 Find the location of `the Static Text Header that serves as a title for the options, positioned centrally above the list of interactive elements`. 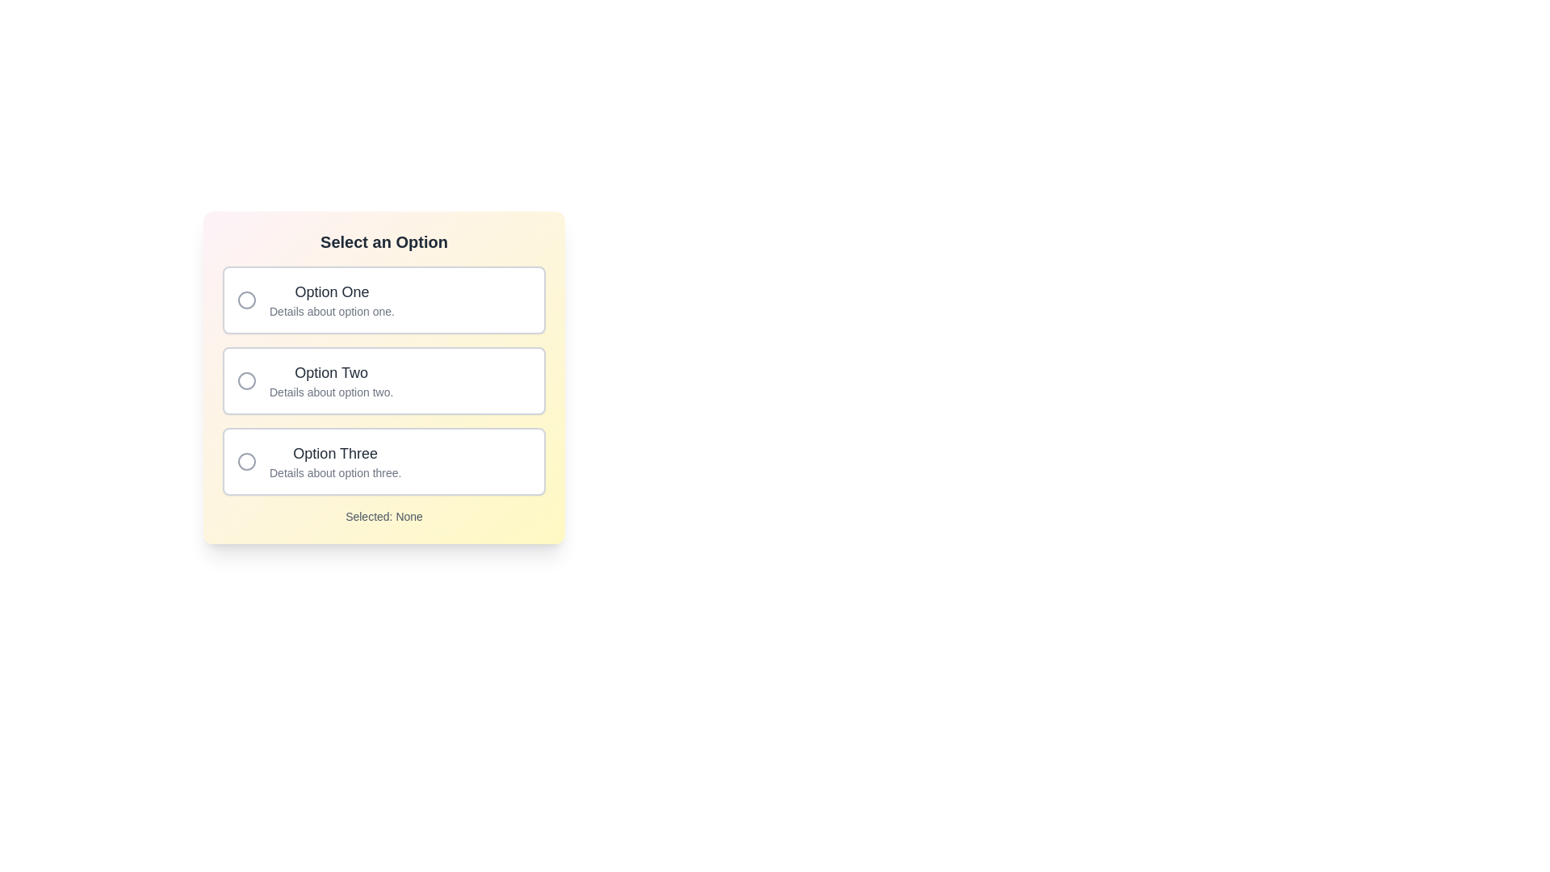

the Static Text Header that serves as a title for the options, positioned centrally above the list of interactive elements is located at coordinates (383, 242).